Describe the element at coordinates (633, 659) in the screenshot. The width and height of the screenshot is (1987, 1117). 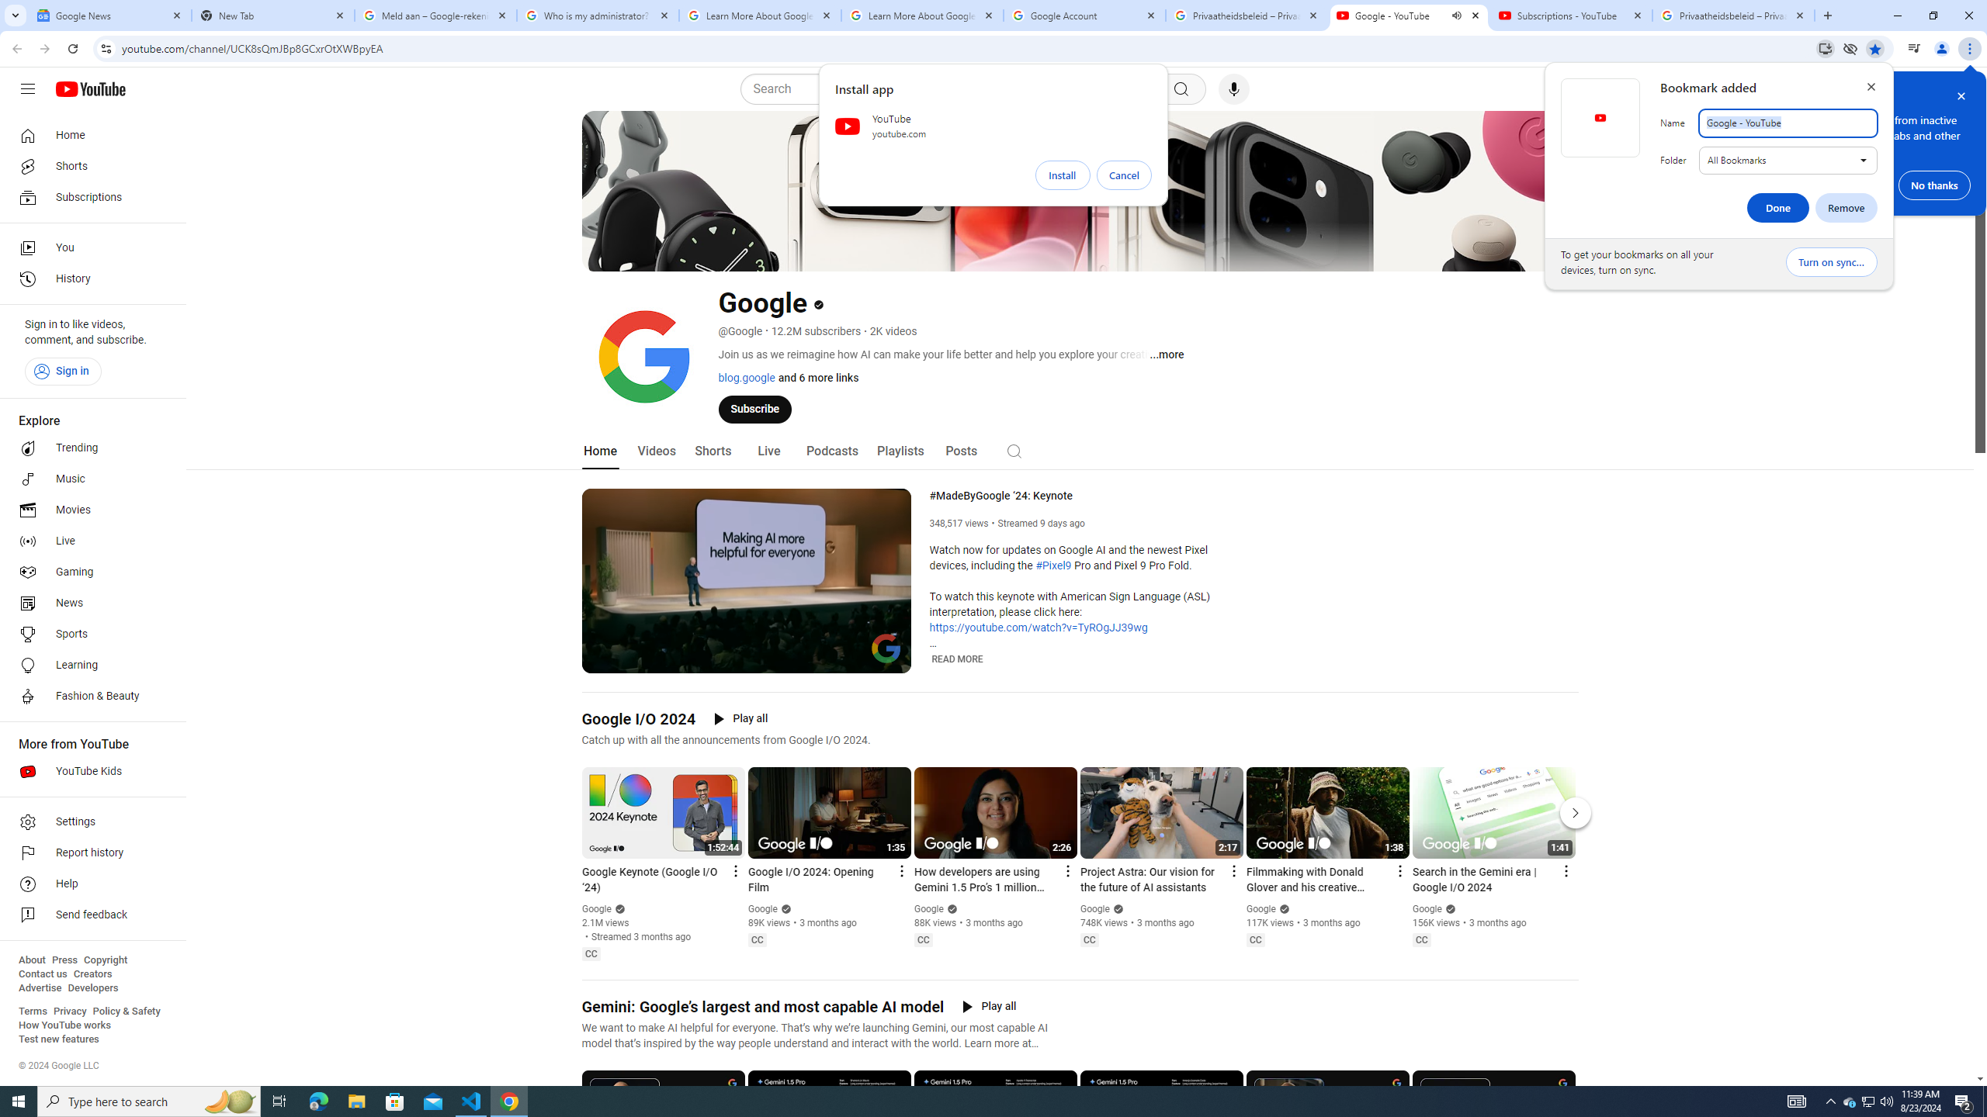
I see `'Mute (m)'` at that location.